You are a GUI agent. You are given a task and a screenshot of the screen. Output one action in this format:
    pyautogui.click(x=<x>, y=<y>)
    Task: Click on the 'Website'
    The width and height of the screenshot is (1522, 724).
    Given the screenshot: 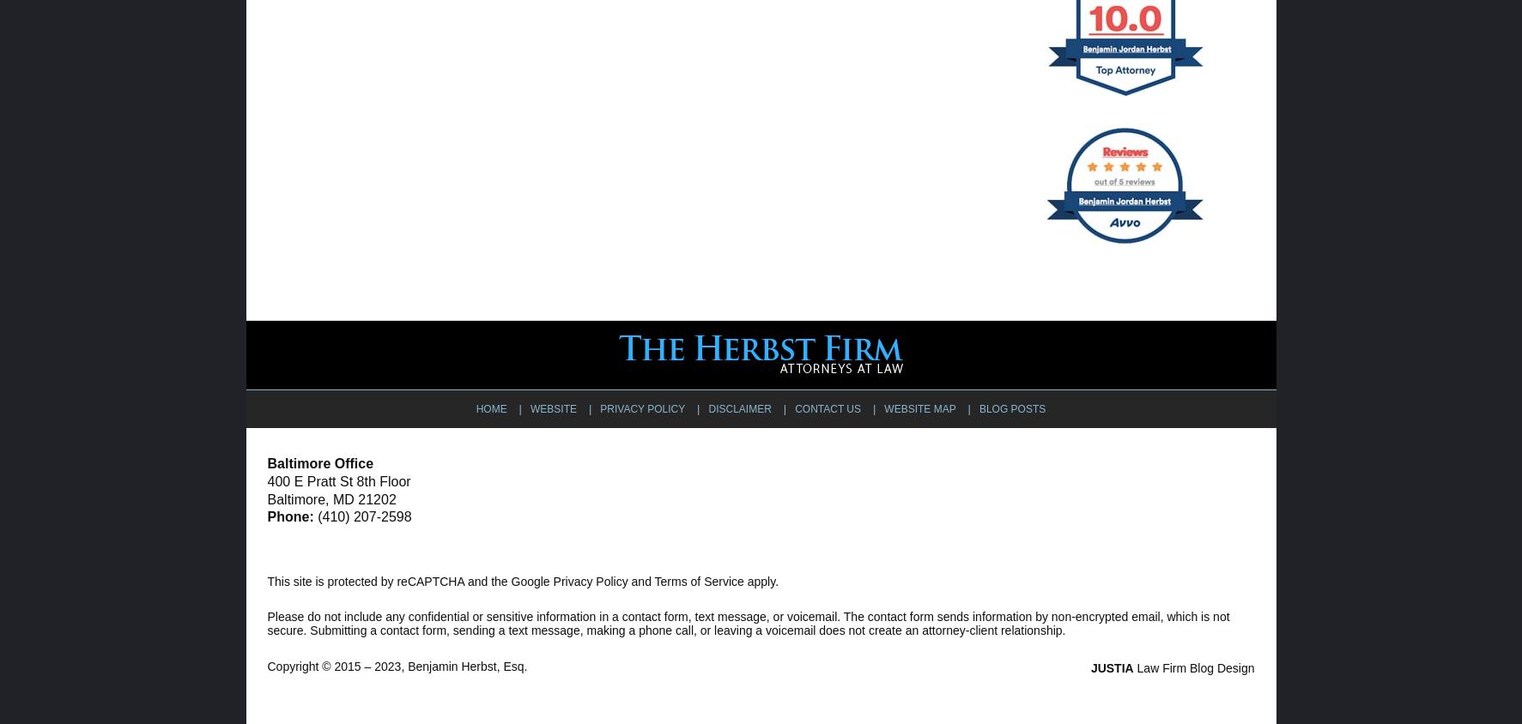 What is the action you would take?
    pyautogui.click(x=529, y=407)
    